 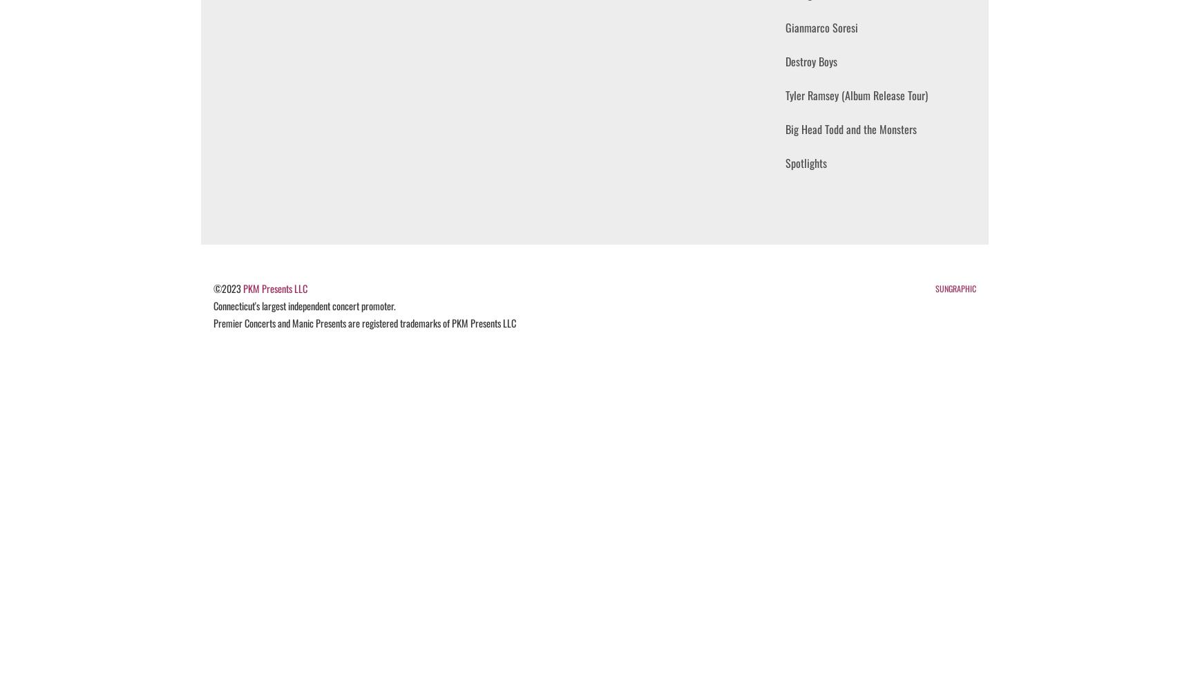 I want to click on '©2023', so click(x=226, y=287).